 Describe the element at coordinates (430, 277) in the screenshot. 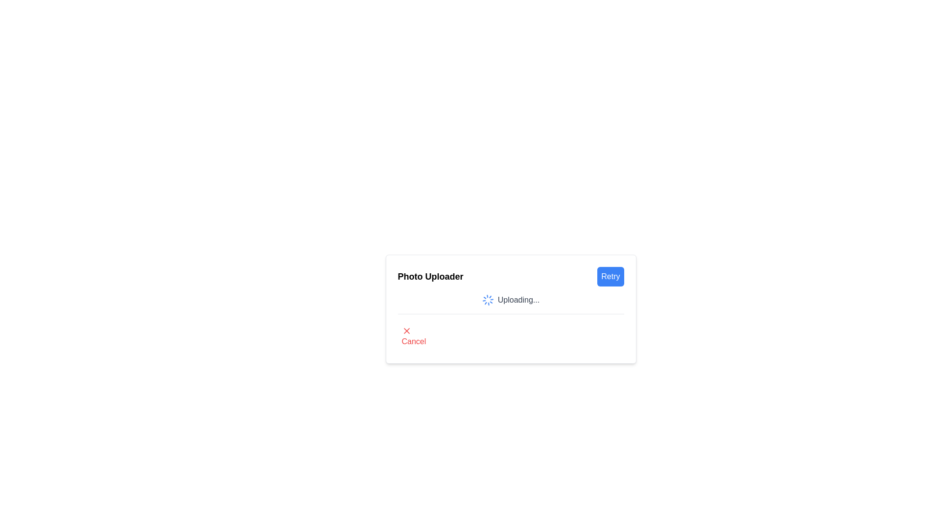

I see `the text label that serves as a header for the photo uploading section, located at the top-left corner, to provide context to the user` at that location.